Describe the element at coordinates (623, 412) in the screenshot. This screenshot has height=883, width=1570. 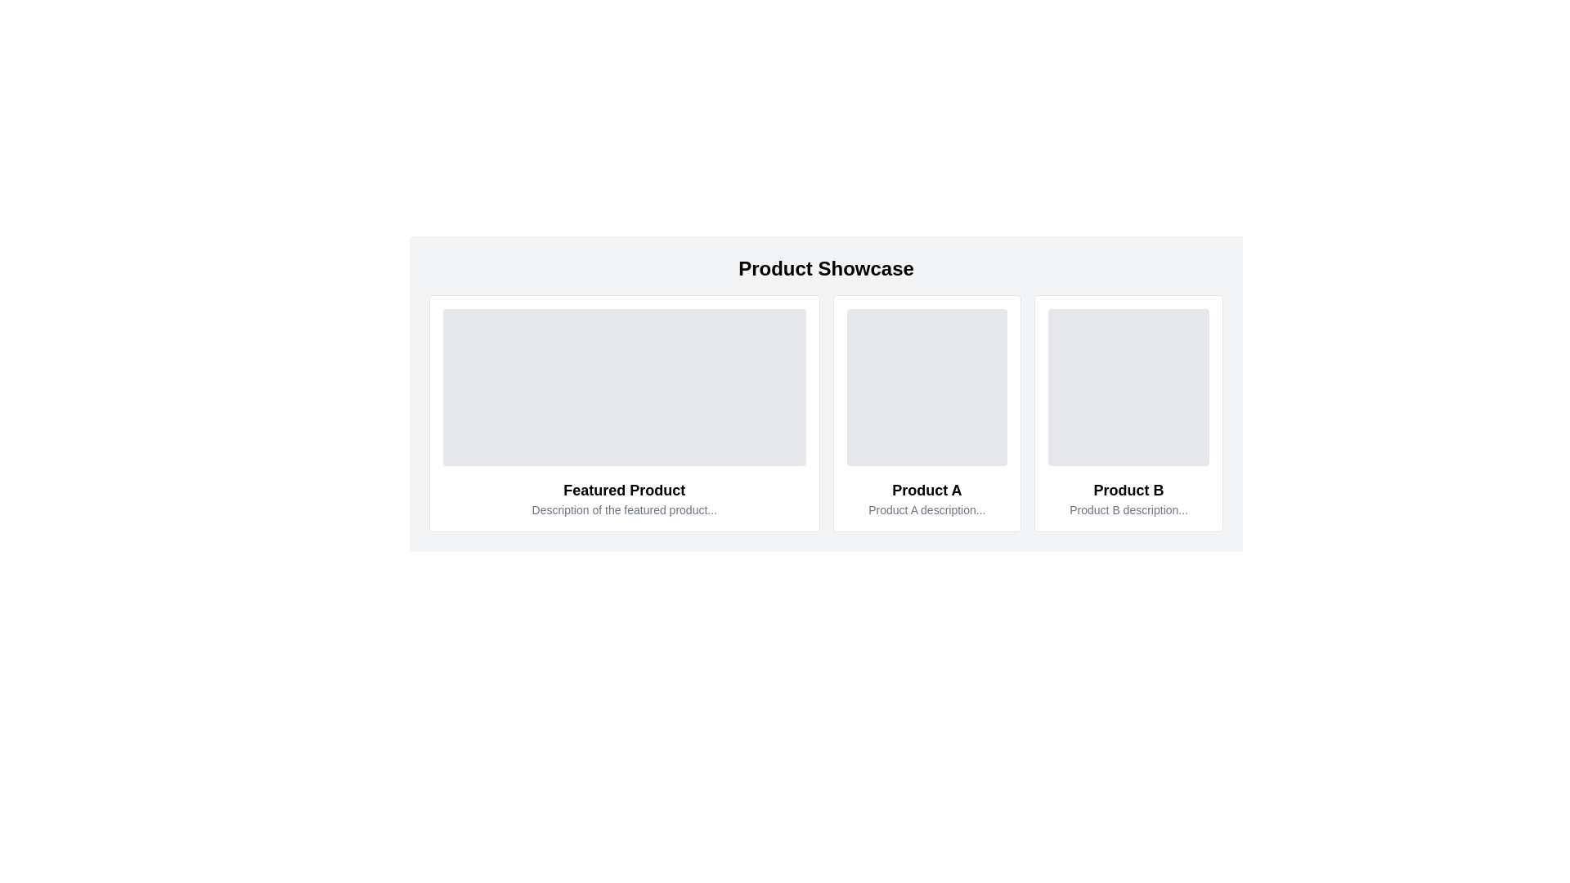
I see `title and description of the product displayed on the leftmost Content Card in the grid layout, which is positioned to the left of 'Product A' and 'Product B'` at that location.